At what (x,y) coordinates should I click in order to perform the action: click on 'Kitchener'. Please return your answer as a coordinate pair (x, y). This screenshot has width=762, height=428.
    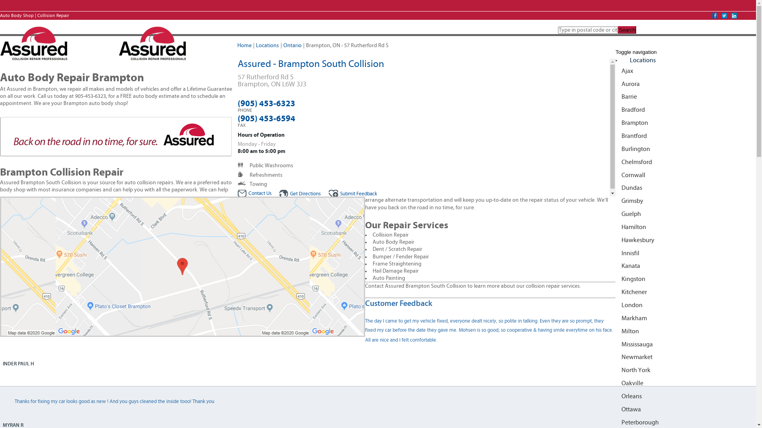
    Looking at the image, I should click on (615, 292).